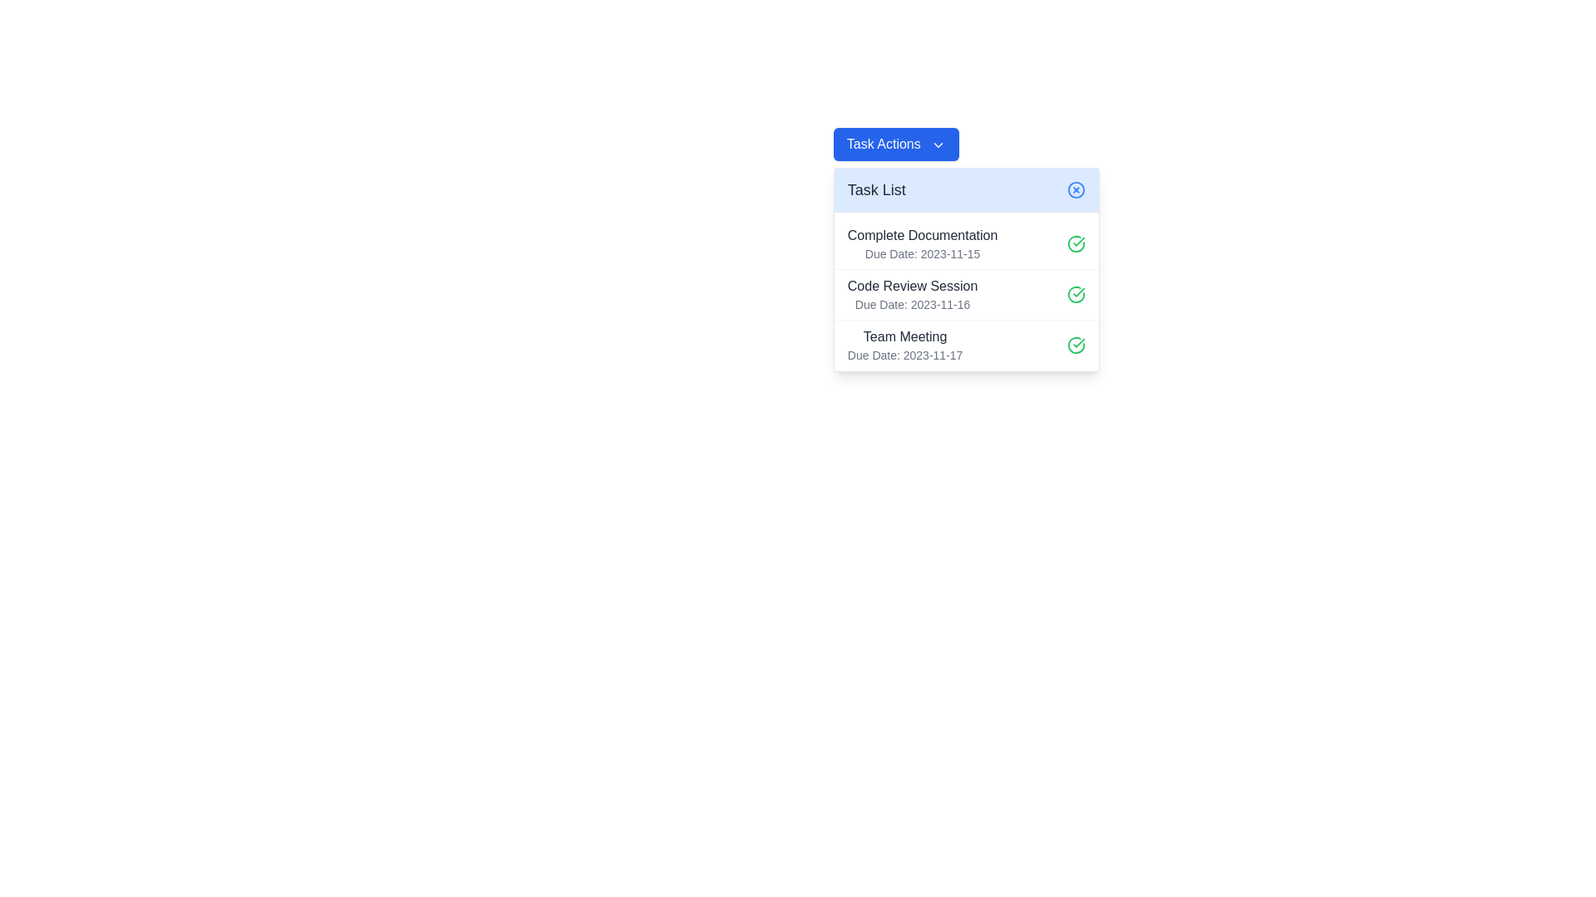 Image resolution: width=1596 pixels, height=897 pixels. Describe the element at coordinates (938, 144) in the screenshot. I see `chevron icon indicating dropdown options located within the 'Task Actions' button, positioned to the right of the text` at that location.